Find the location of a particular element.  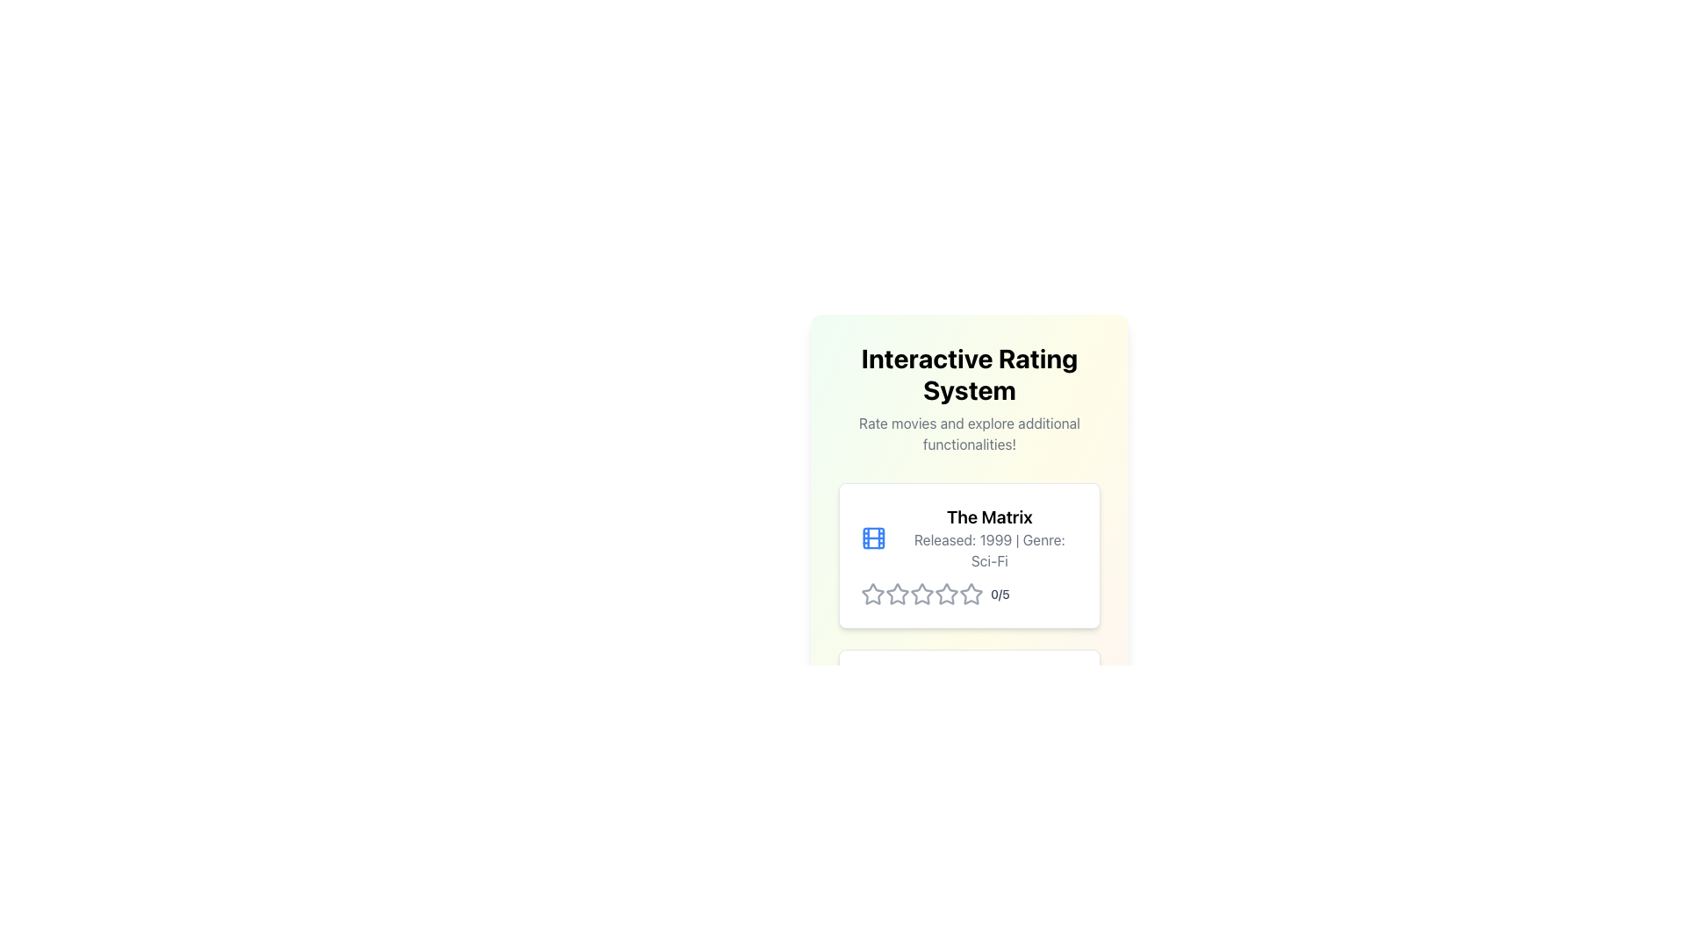

the leftmost star in the rating widget is located at coordinates (872, 593).